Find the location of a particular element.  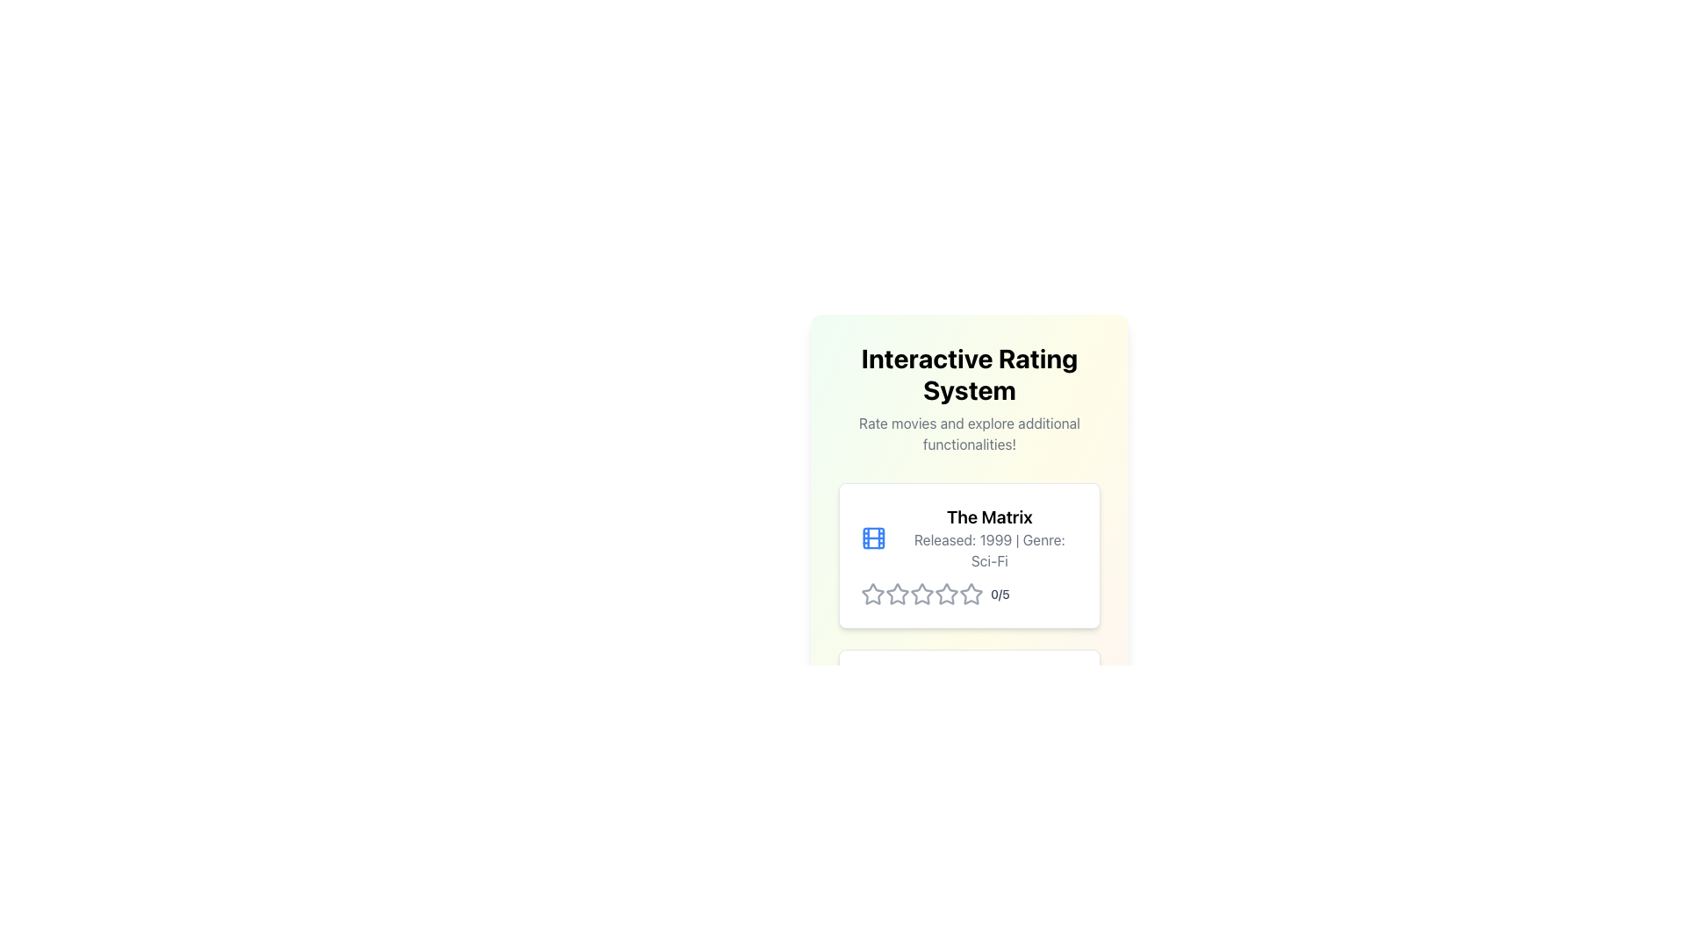

the leftmost star in the rating widget is located at coordinates (872, 593).